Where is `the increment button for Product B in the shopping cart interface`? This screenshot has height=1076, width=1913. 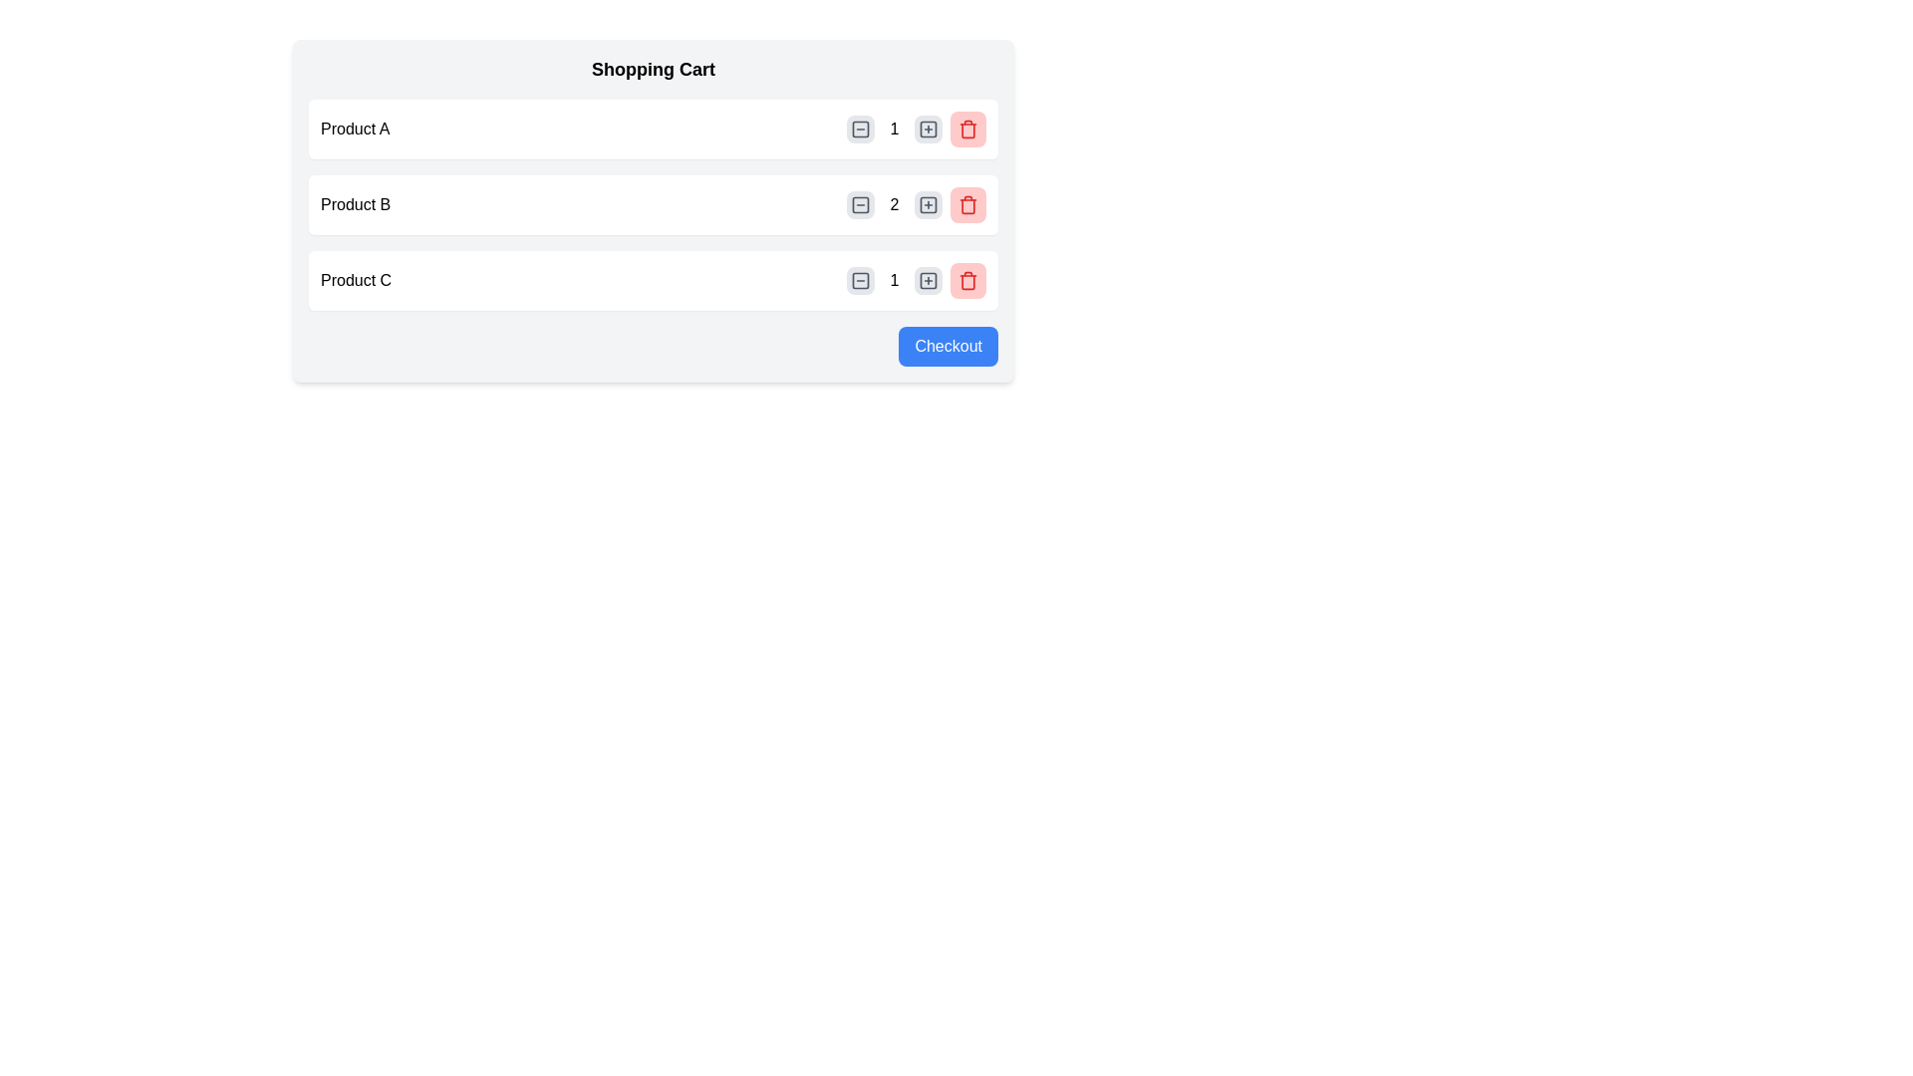
the increment button for Product B in the shopping cart interface is located at coordinates (927, 204).